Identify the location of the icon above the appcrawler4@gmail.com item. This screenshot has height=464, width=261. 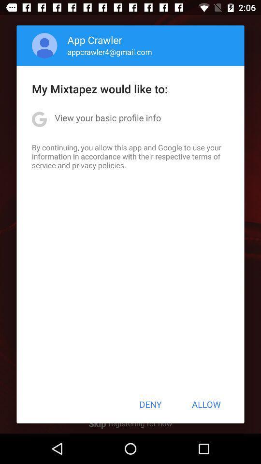
(95, 40).